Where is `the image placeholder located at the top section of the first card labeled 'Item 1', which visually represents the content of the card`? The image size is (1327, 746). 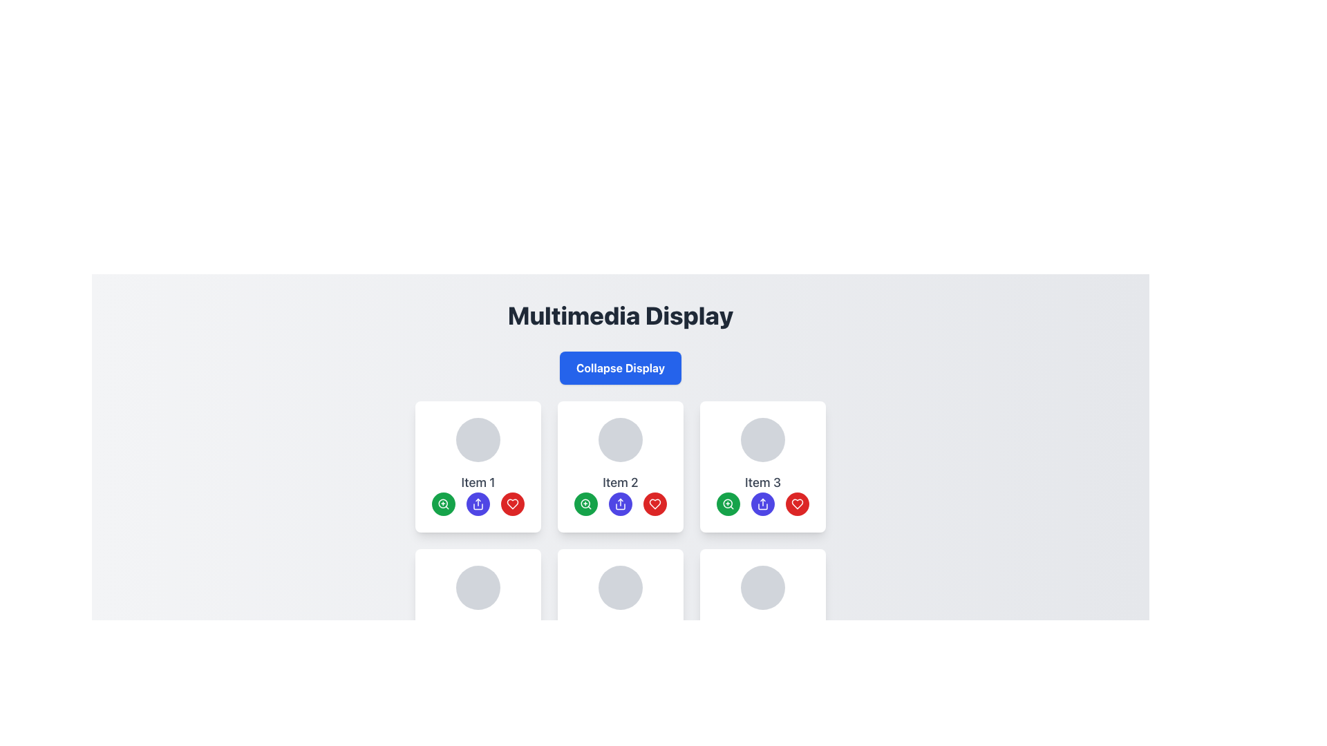 the image placeholder located at the top section of the first card labeled 'Item 1', which visually represents the content of the card is located at coordinates (478, 439).